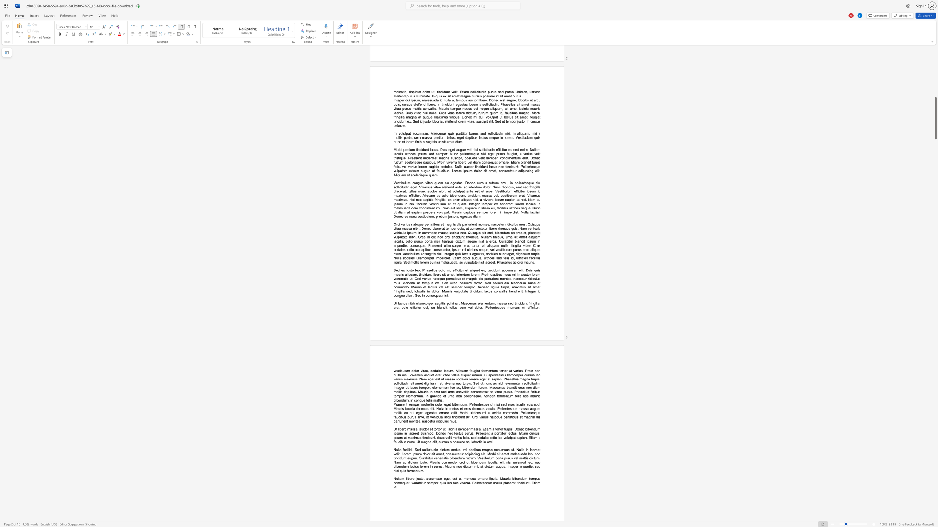 Image resolution: width=938 pixels, height=527 pixels. I want to click on the subset text "o, accumsan eget e" within the text "Nullam libero justo, accumsan eget est a, rhoncus ornare ligula. Mauris bibendum tempus consequat. Curabitur semper quis leo nec viverra. Pellentesque mollis placerat tincidunt. Etiam id", so click(421, 478).